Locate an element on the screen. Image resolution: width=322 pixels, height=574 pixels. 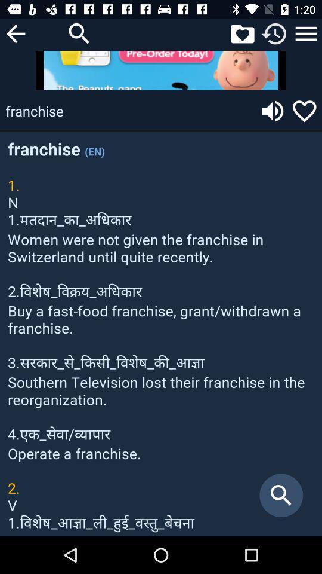
click on advertisement is located at coordinates (161, 70).